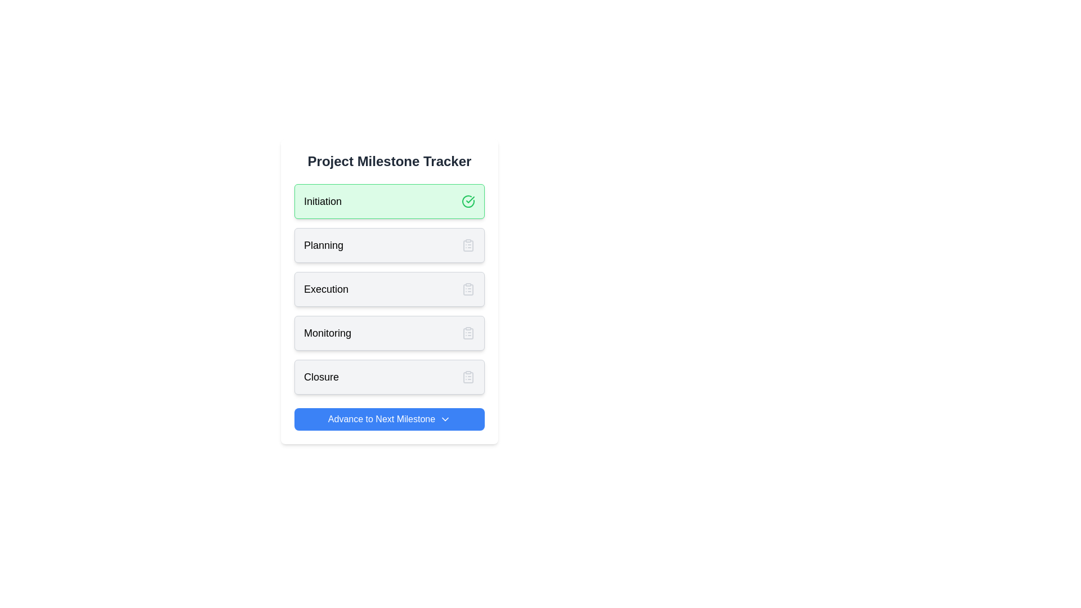  I want to click on the text element labeled 'Monitoring', which is the title of the fourth milestone stage in the Project Milestone Tracker interface, so click(327, 332).